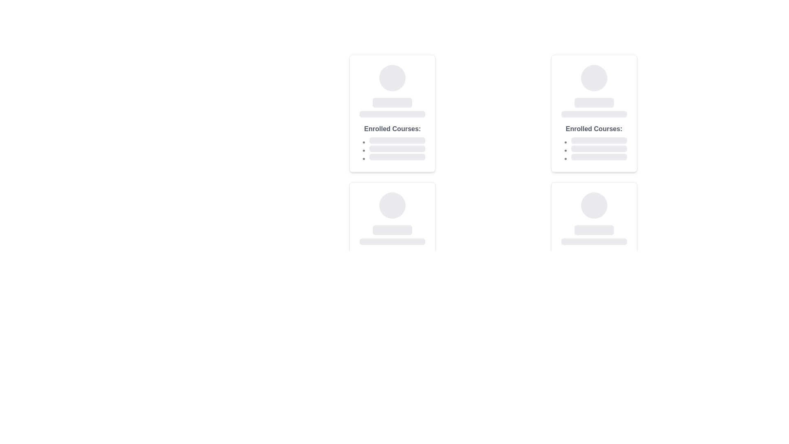 The width and height of the screenshot is (789, 444). What do you see at coordinates (594, 102) in the screenshot?
I see `the gray rectangular Visual Placeholder with rounded corners located in the upper right section of the interface` at bounding box center [594, 102].